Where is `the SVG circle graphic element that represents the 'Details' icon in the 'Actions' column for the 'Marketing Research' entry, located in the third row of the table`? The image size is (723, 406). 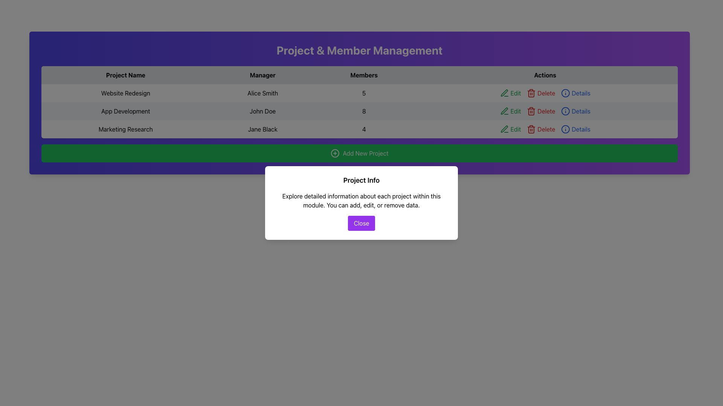
the SVG circle graphic element that represents the 'Details' icon in the 'Actions' column for the 'Marketing Research' entry, located in the third row of the table is located at coordinates (566, 129).